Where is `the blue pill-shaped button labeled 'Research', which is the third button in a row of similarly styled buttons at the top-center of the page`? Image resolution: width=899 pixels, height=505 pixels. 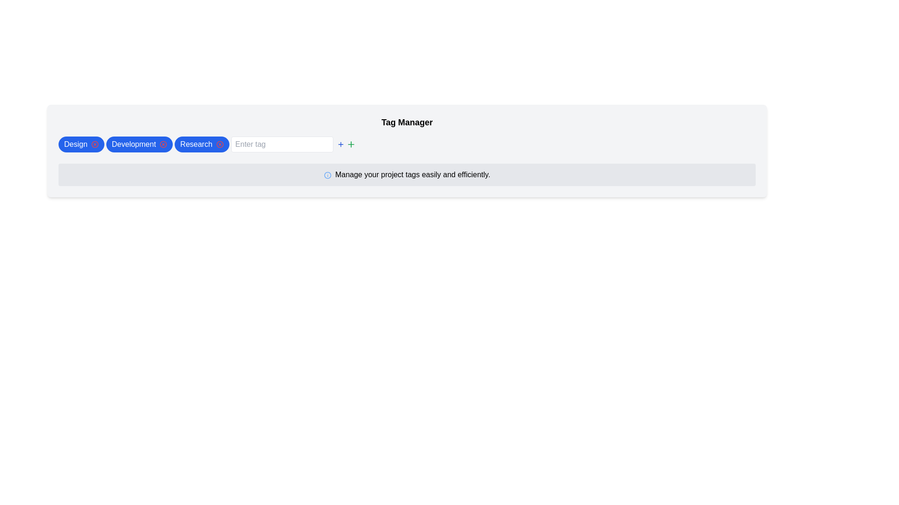
the blue pill-shaped button labeled 'Research', which is the third button in a row of similarly styled buttons at the top-center of the page is located at coordinates (201, 144).